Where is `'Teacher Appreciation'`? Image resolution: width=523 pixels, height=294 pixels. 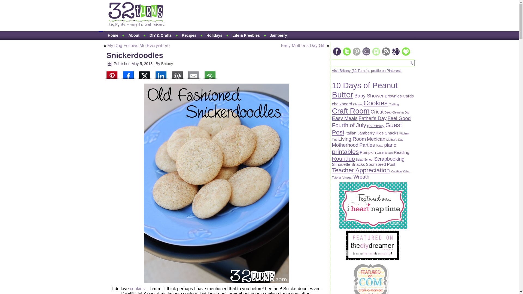
'Teacher Appreciation' is located at coordinates (361, 170).